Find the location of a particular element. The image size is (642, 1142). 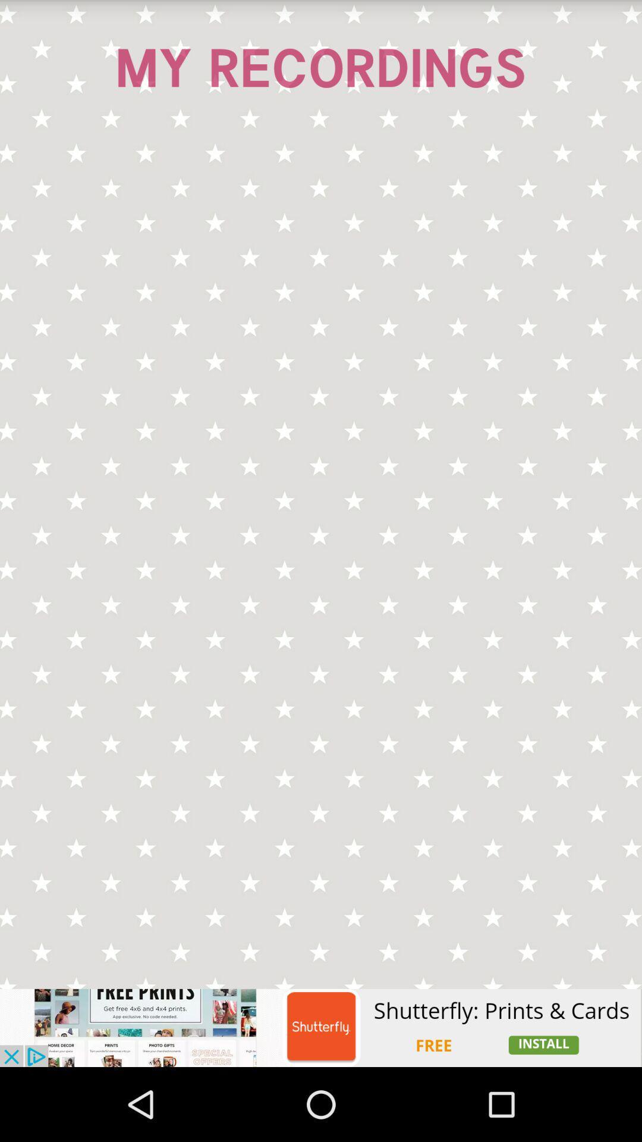

your recordings is located at coordinates (321, 559).